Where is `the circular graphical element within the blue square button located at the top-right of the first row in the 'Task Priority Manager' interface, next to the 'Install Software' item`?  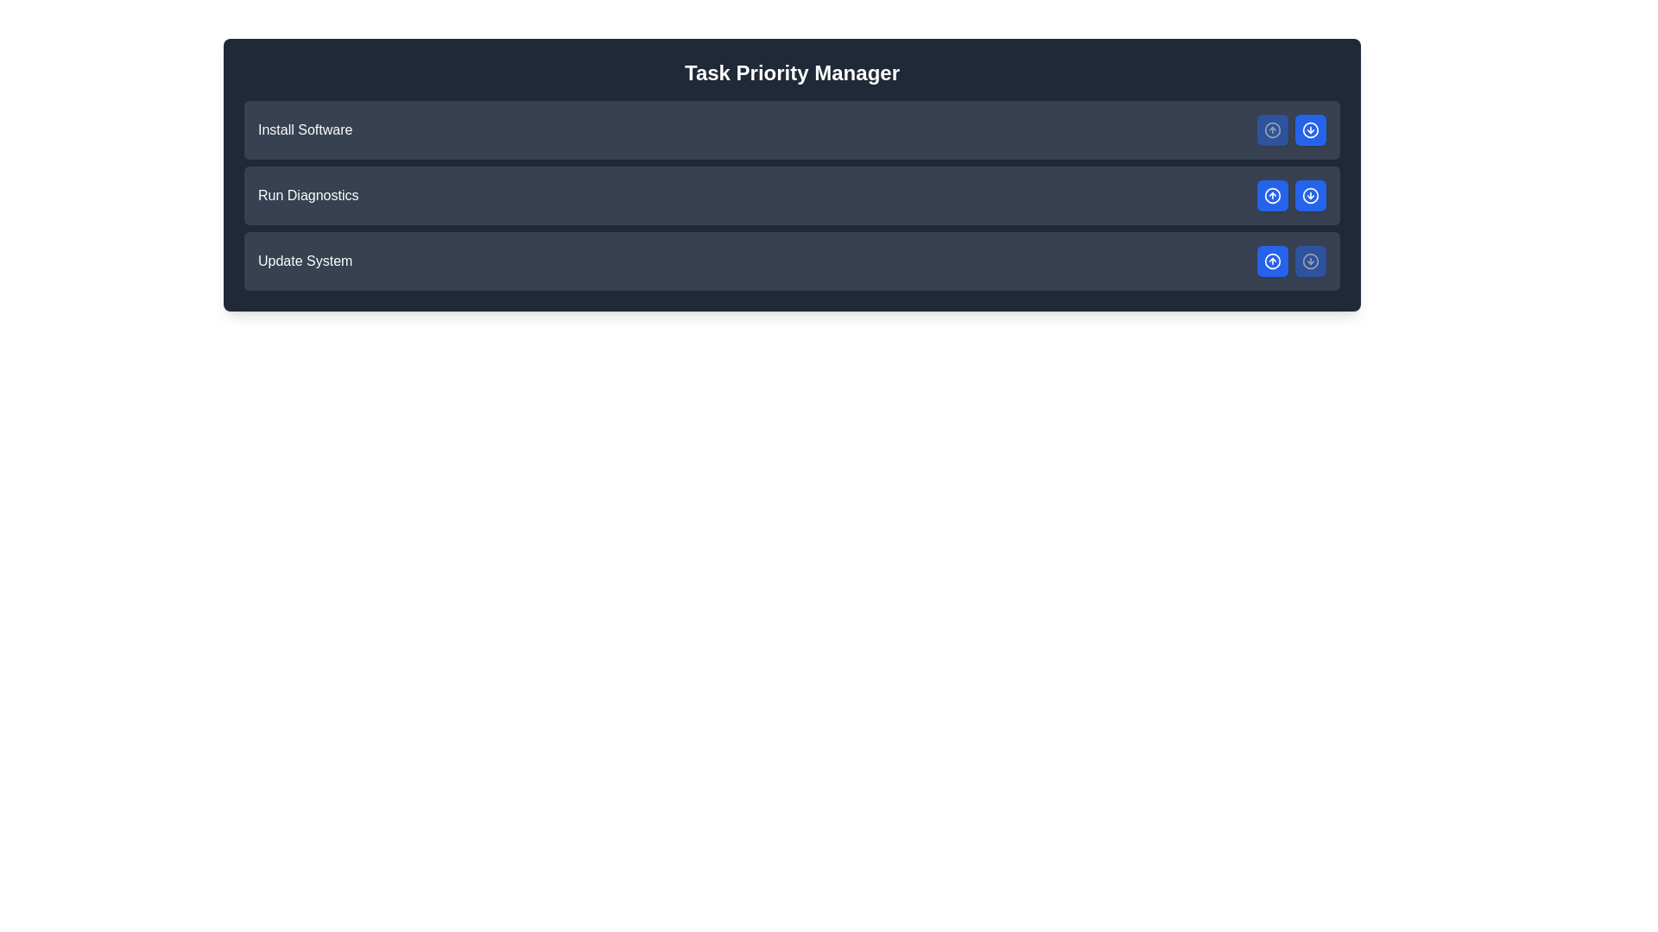 the circular graphical element within the blue square button located at the top-right of the first row in the 'Task Priority Manager' interface, next to the 'Install Software' item is located at coordinates (1272, 129).